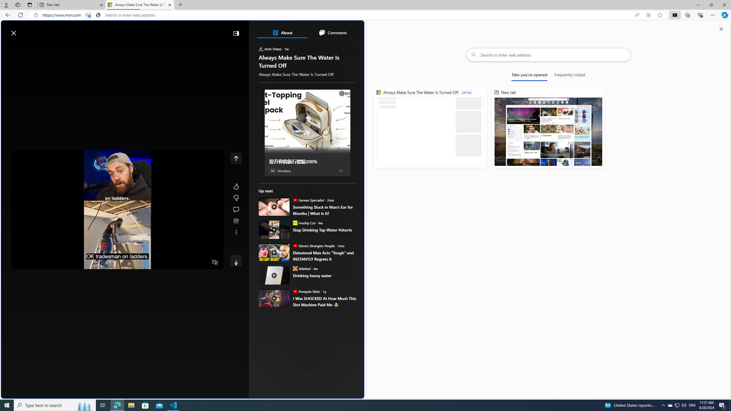 The image size is (731, 411). What do you see at coordinates (724, 15) in the screenshot?
I see `'Copilot (Ctrl+Shift+.)'` at bounding box center [724, 15].